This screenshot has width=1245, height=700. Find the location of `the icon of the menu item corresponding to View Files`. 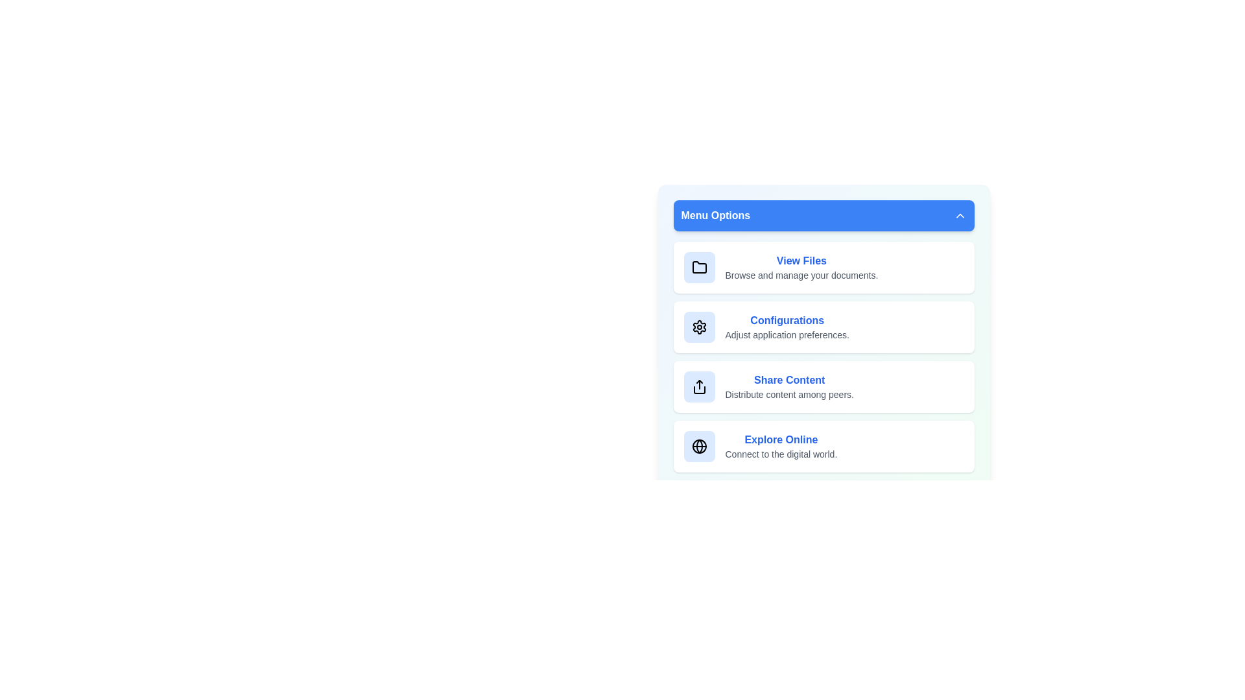

the icon of the menu item corresponding to View Files is located at coordinates (698, 266).